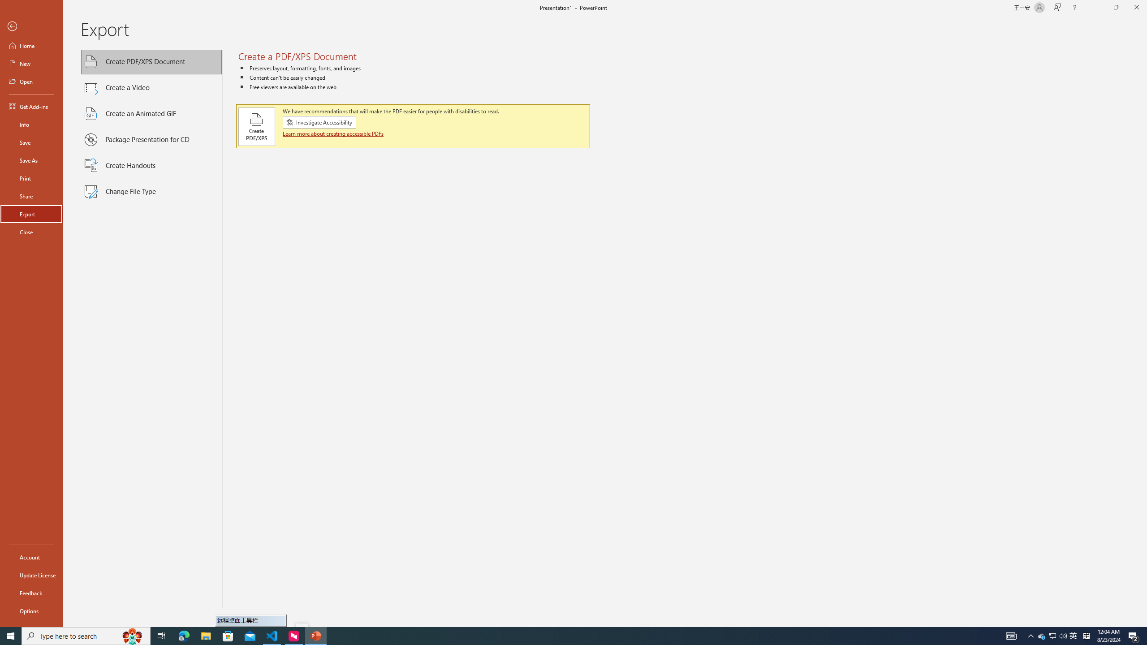  I want to click on 'Create Handouts', so click(151, 165).